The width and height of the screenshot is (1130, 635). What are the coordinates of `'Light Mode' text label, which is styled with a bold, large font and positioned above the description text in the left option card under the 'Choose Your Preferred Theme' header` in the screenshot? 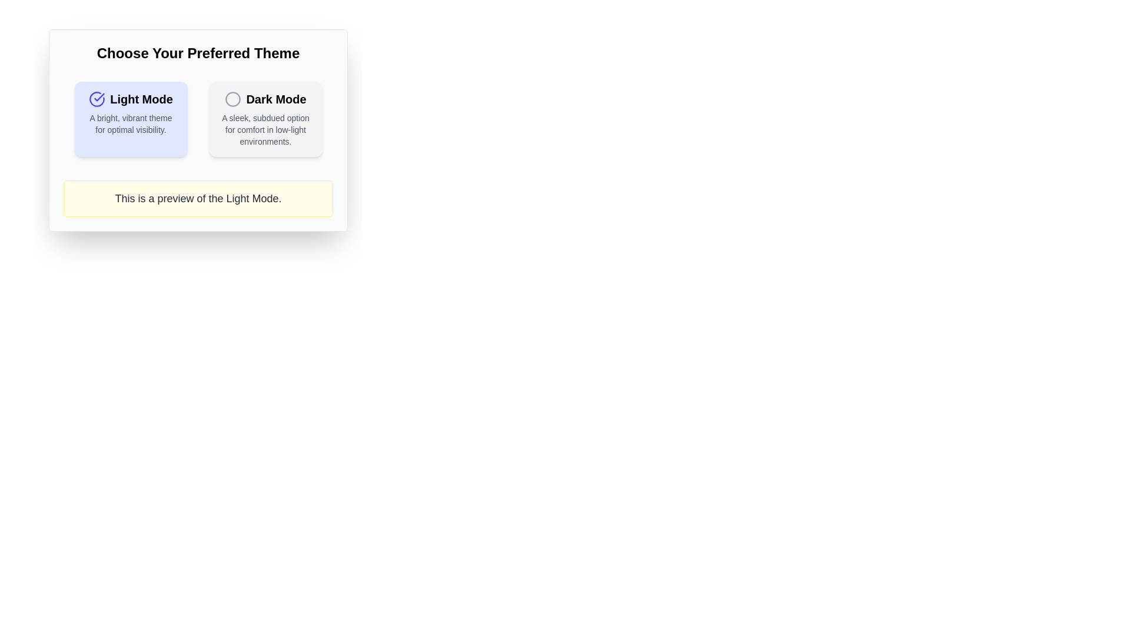 It's located at (131, 99).